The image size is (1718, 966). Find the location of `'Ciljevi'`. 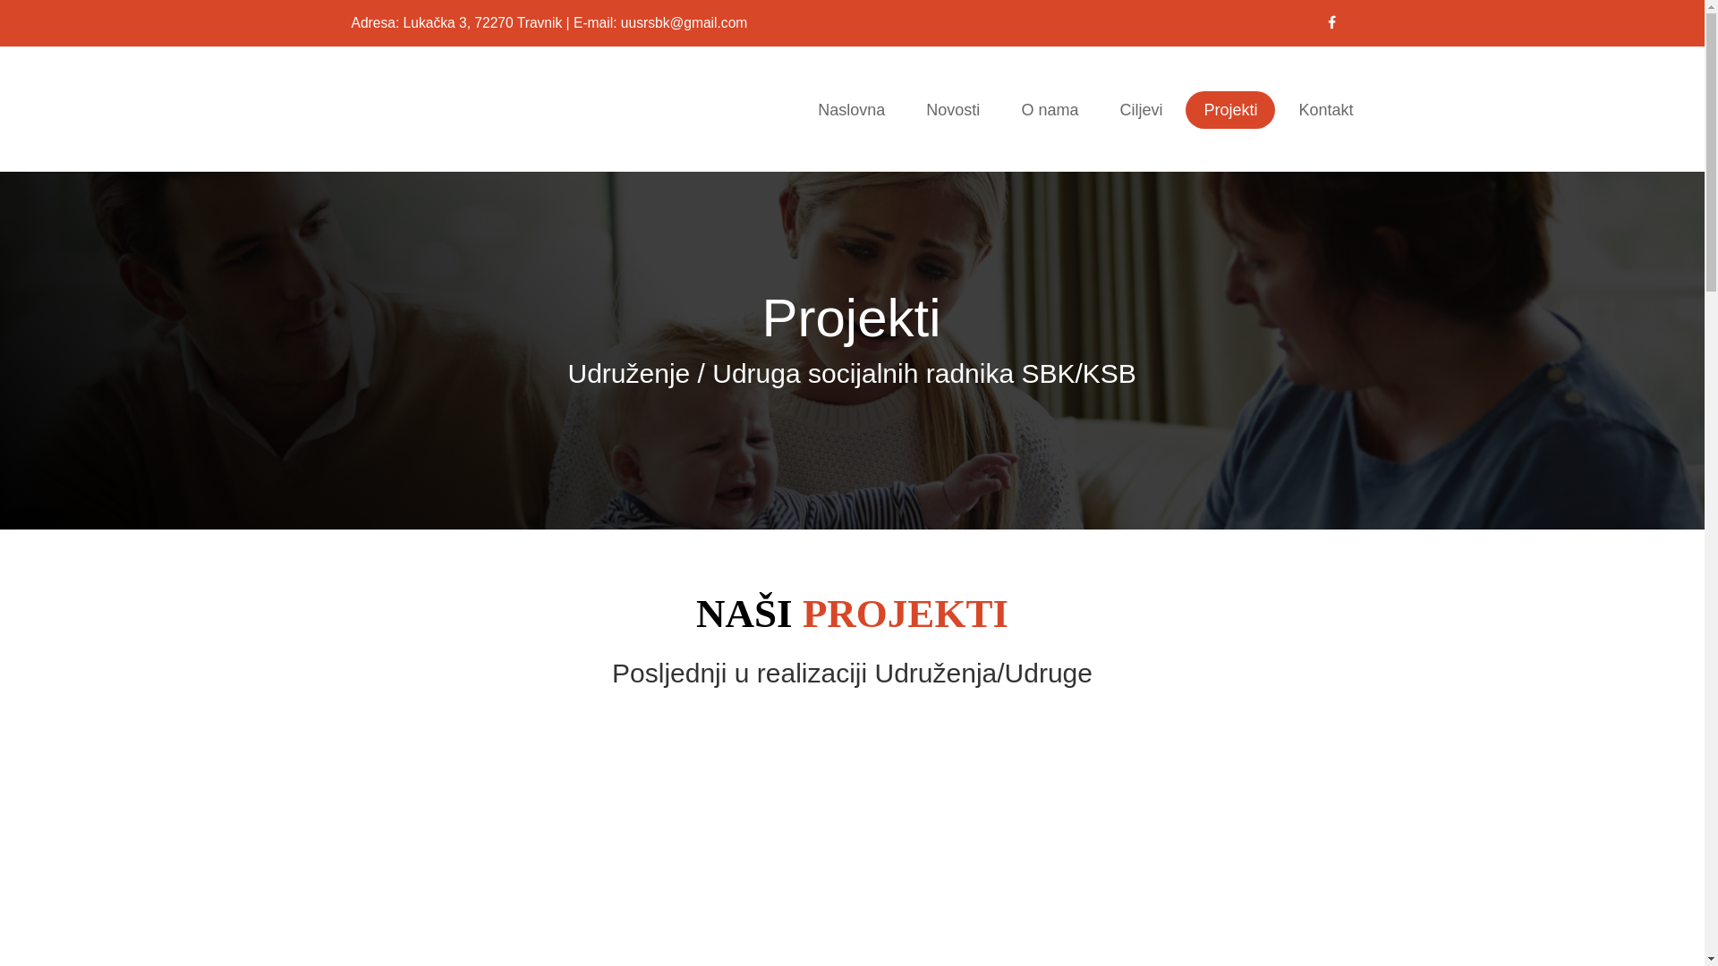

'Ciljevi' is located at coordinates (1140, 110).